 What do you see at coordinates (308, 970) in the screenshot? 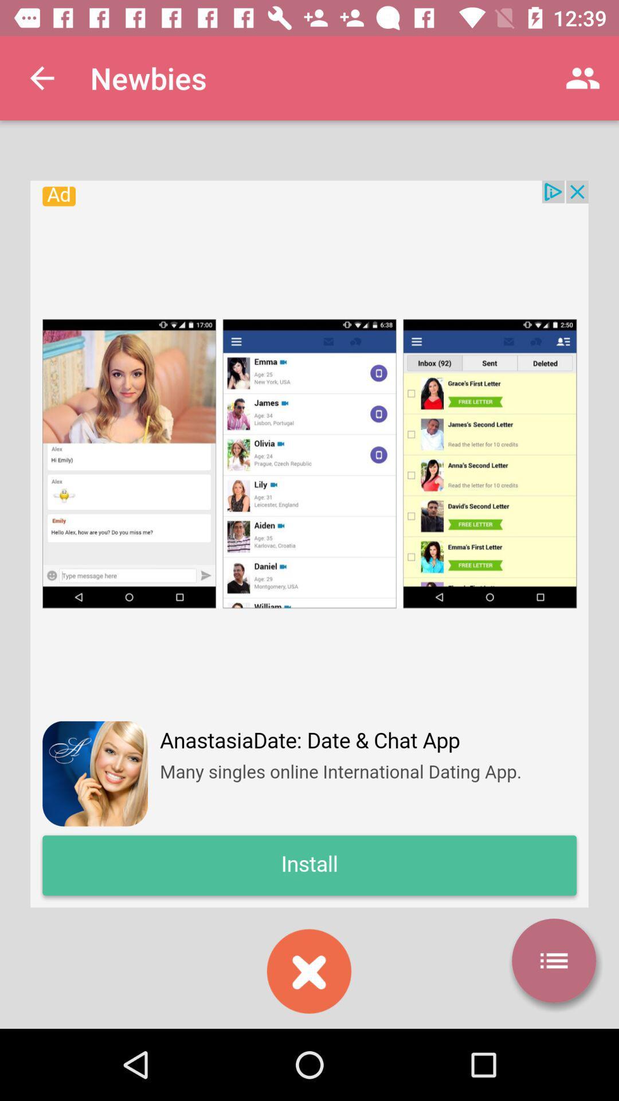
I see `exit installation` at bounding box center [308, 970].